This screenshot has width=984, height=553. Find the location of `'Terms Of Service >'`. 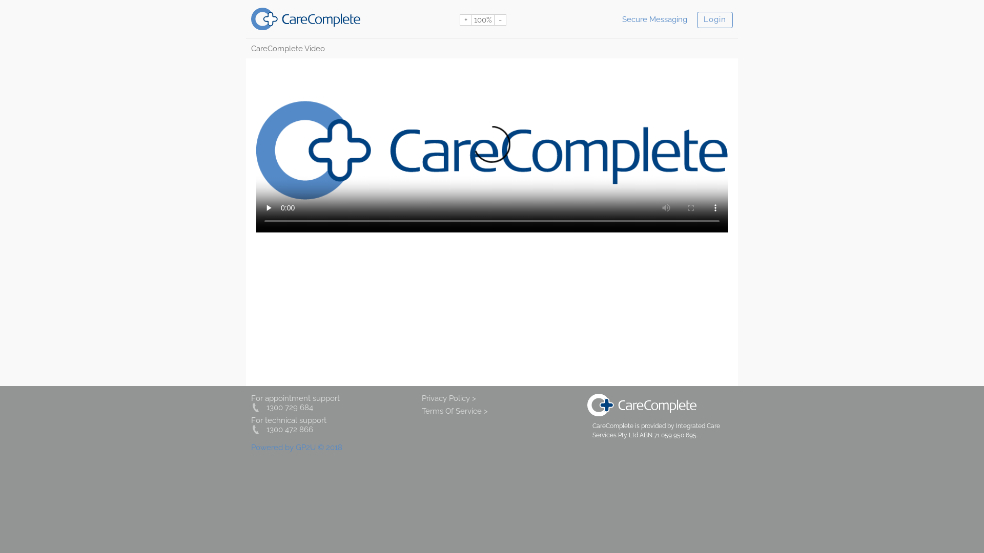

'Terms Of Service >' is located at coordinates (421, 410).